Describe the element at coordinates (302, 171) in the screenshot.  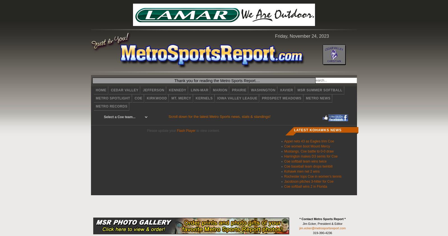
I see `'Kohawk men net 2 wins'` at that location.